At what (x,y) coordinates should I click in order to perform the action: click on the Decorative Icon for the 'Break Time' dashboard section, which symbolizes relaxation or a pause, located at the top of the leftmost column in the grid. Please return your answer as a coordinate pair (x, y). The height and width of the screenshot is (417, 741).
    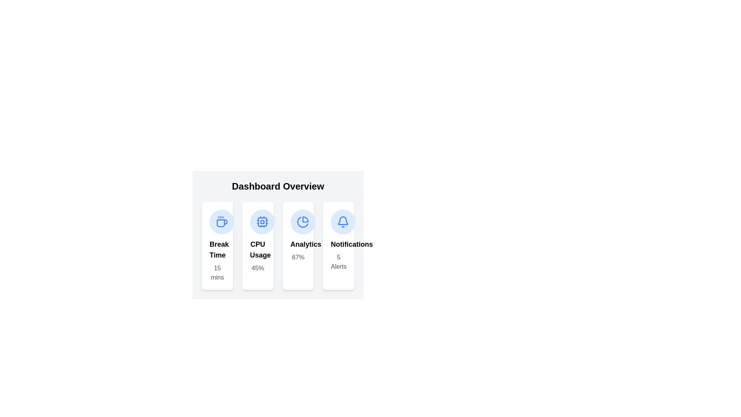
    Looking at the image, I should click on (222, 222).